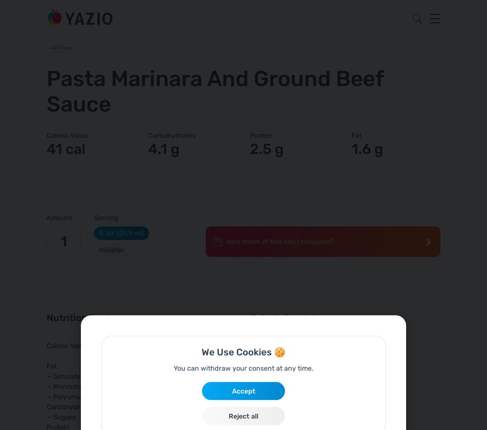 Image resolution: width=487 pixels, height=430 pixels. I want to click on '40.0 %', so click(368, 348).